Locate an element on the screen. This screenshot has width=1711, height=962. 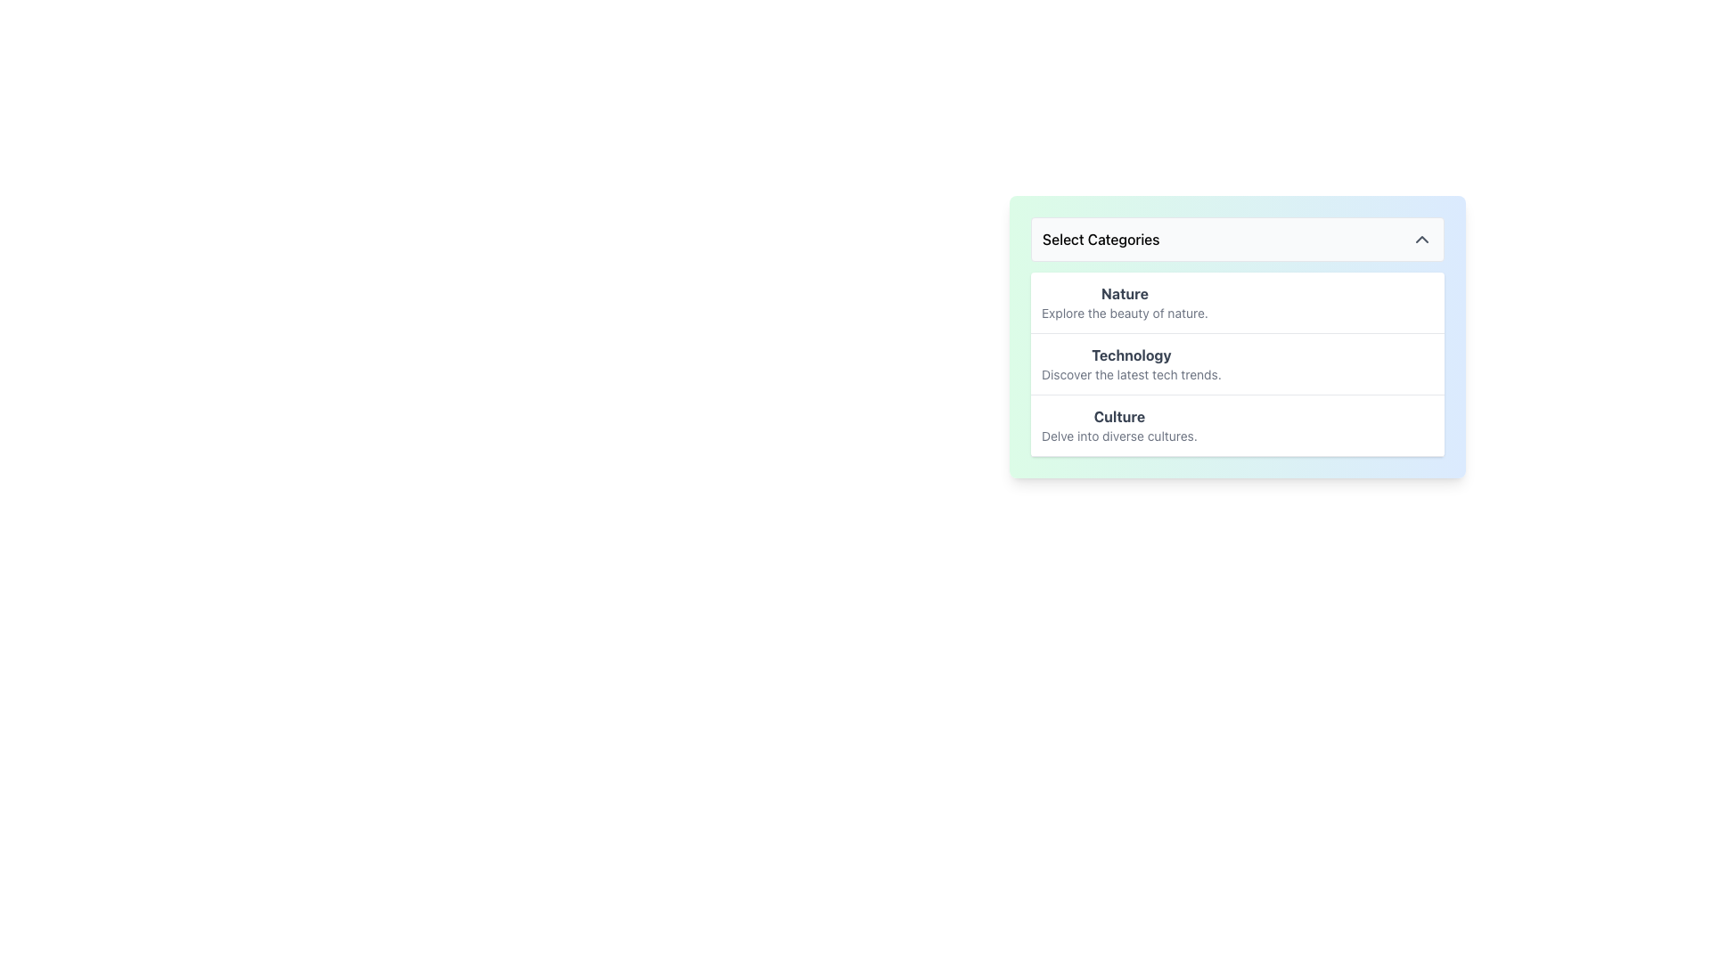
the text label displaying 'Explore the beauty of nature.' which is located beneath the 'Nature' heading in the card-like structure is located at coordinates (1124, 312).